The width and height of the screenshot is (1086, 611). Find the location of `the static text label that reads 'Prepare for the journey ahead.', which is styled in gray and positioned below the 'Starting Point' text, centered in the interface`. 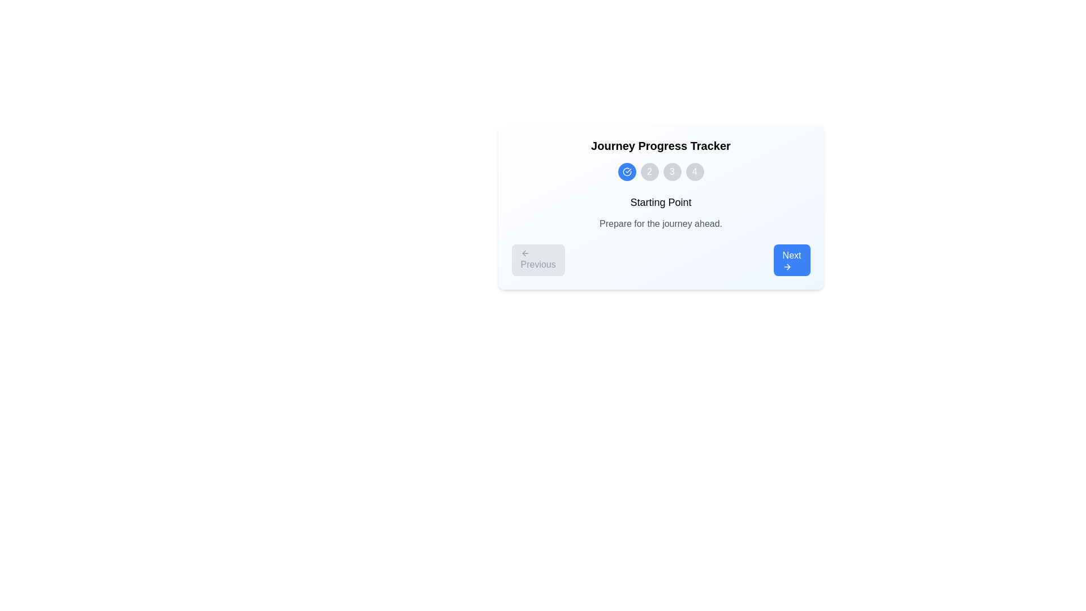

the static text label that reads 'Prepare for the journey ahead.', which is styled in gray and positioned below the 'Starting Point' text, centered in the interface is located at coordinates (661, 224).